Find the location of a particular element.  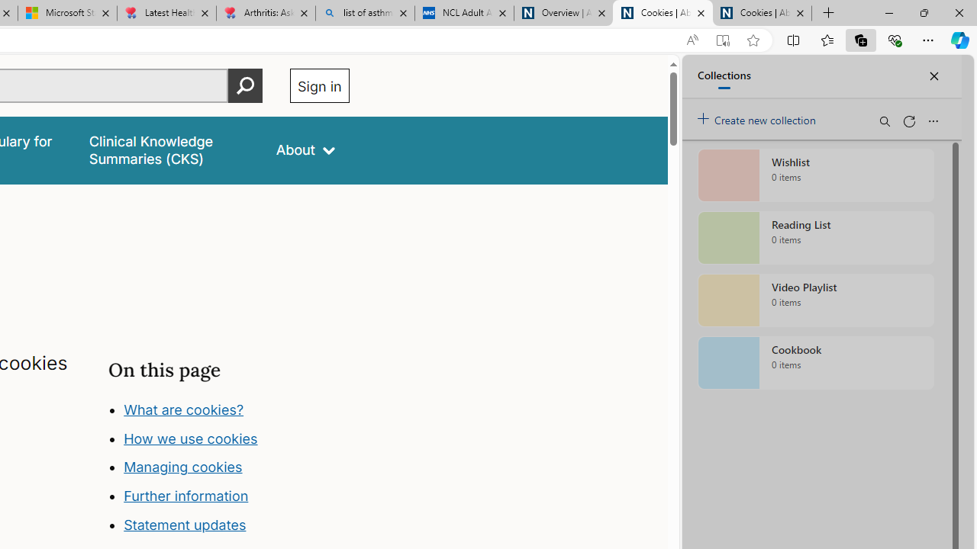

'false' is located at coordinates (169, 150).